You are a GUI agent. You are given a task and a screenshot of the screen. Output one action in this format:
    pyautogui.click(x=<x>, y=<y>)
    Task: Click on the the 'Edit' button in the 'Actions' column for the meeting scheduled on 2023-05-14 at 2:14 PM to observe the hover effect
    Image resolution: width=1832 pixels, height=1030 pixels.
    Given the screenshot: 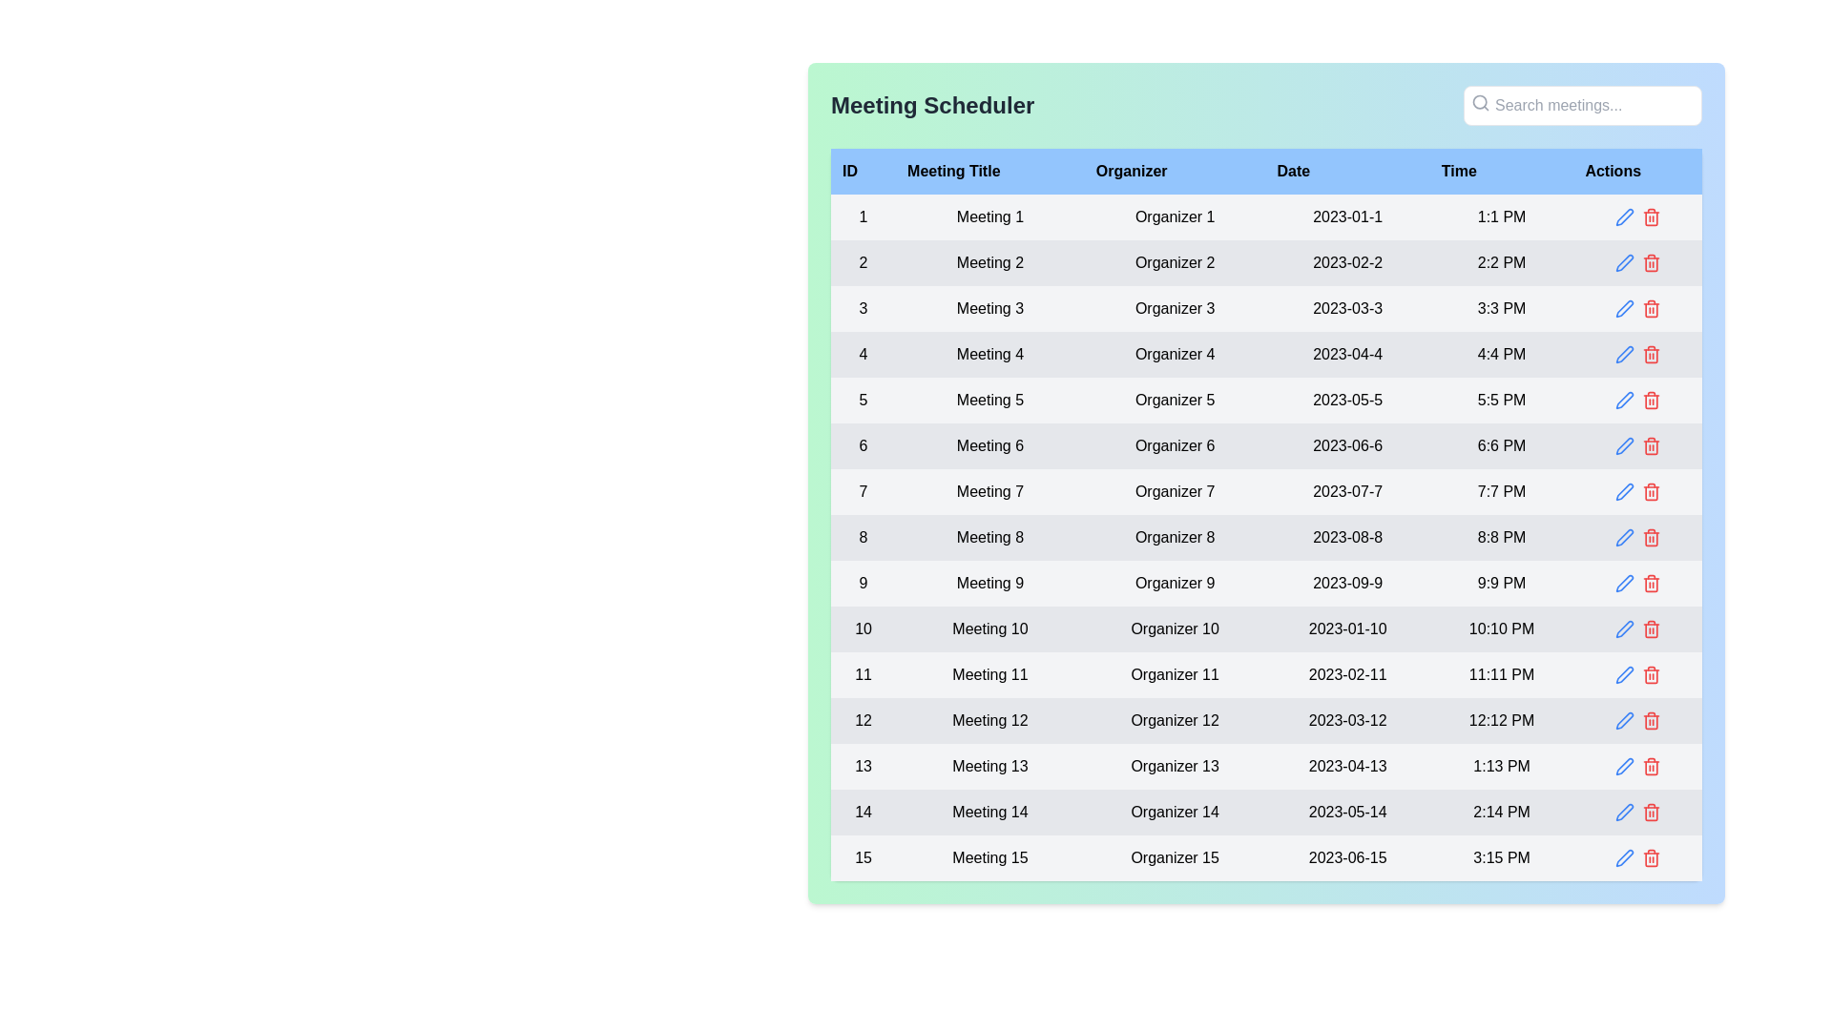 What is the action you would take?
    pyautogui.click(x=1623, y=813)
    